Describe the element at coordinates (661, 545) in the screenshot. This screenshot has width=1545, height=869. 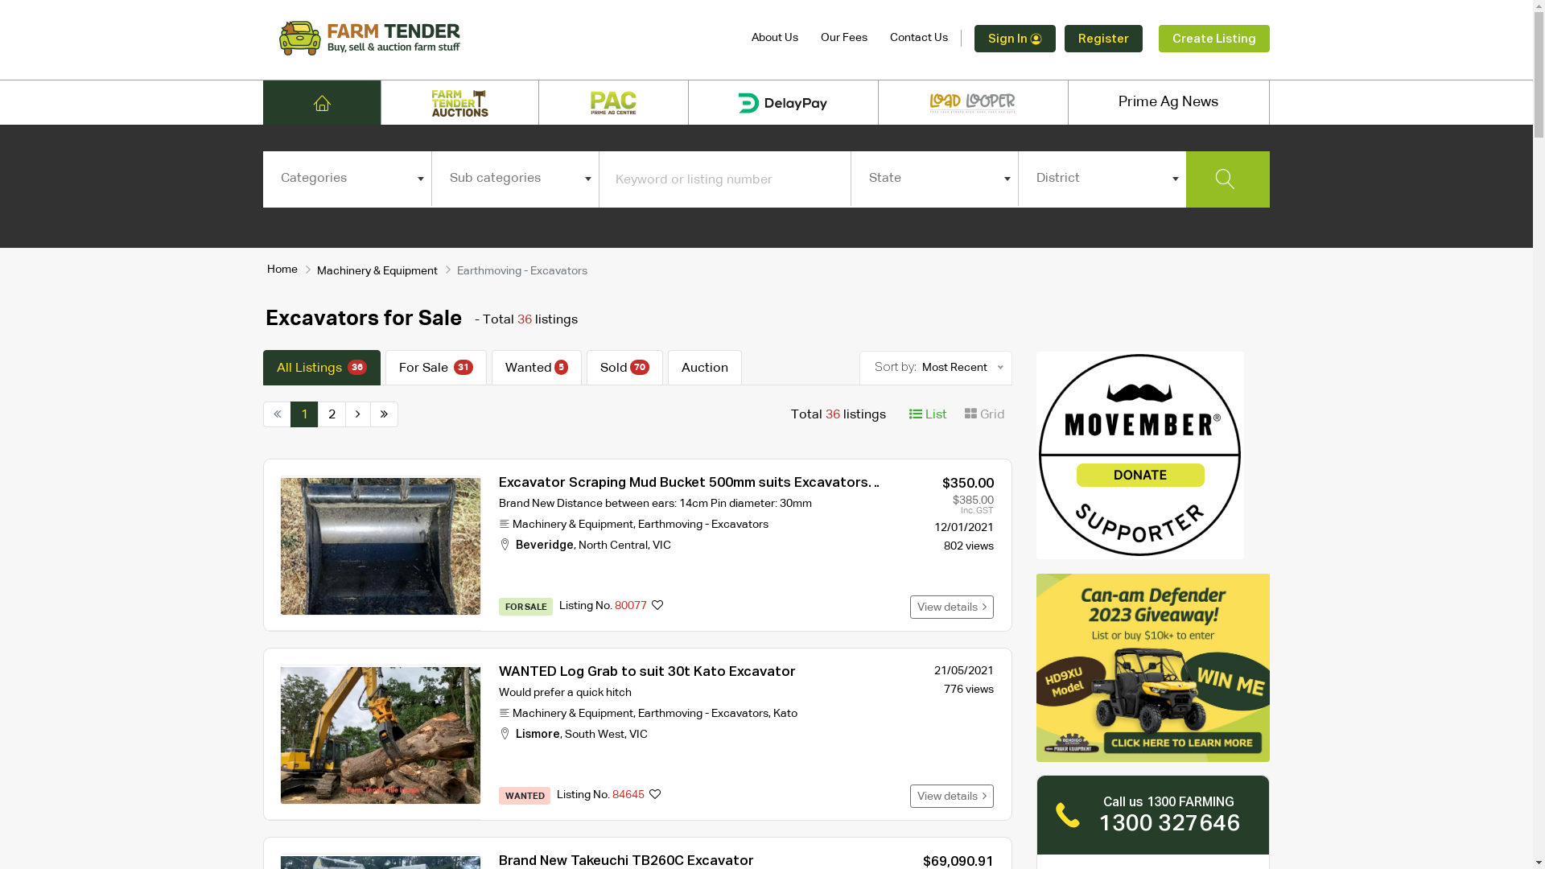
I see `'VIC'` at that location.